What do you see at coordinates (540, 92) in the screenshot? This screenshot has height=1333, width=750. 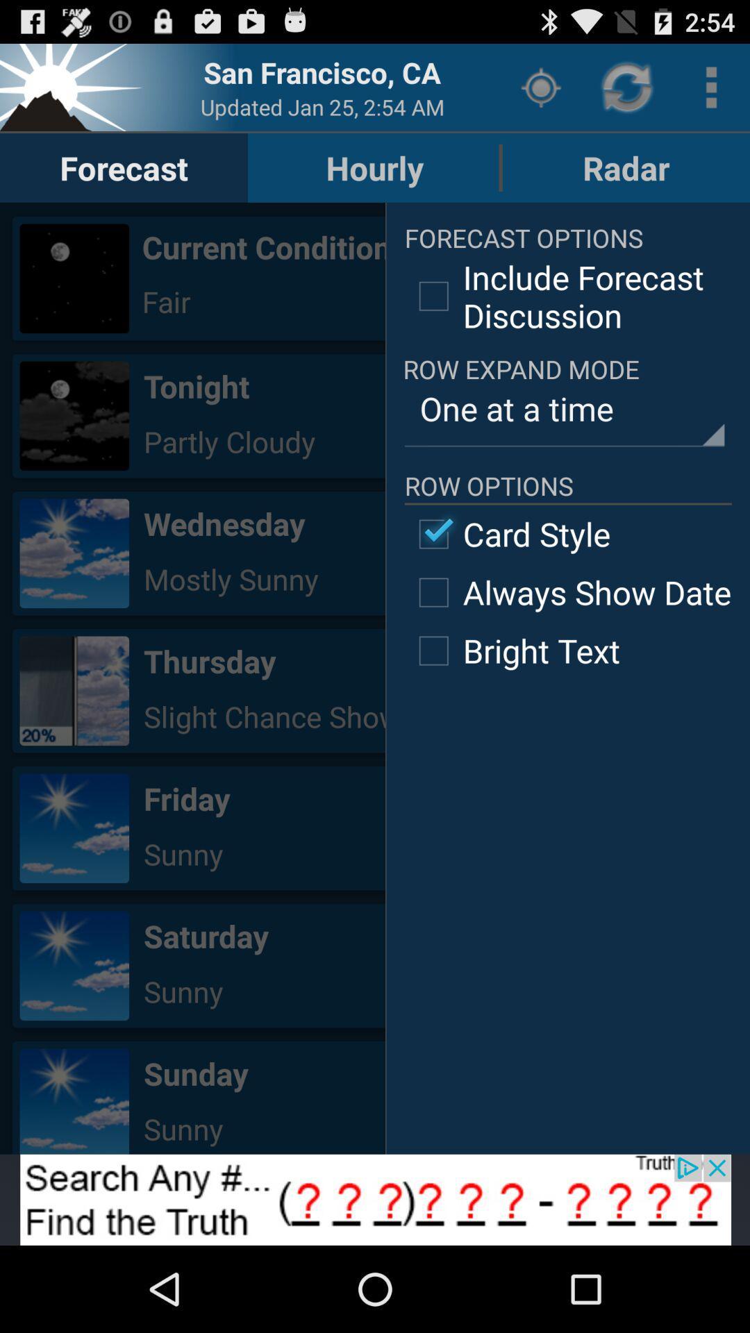 I see `the location_crosshair icon` at bounding box center [540, 92].